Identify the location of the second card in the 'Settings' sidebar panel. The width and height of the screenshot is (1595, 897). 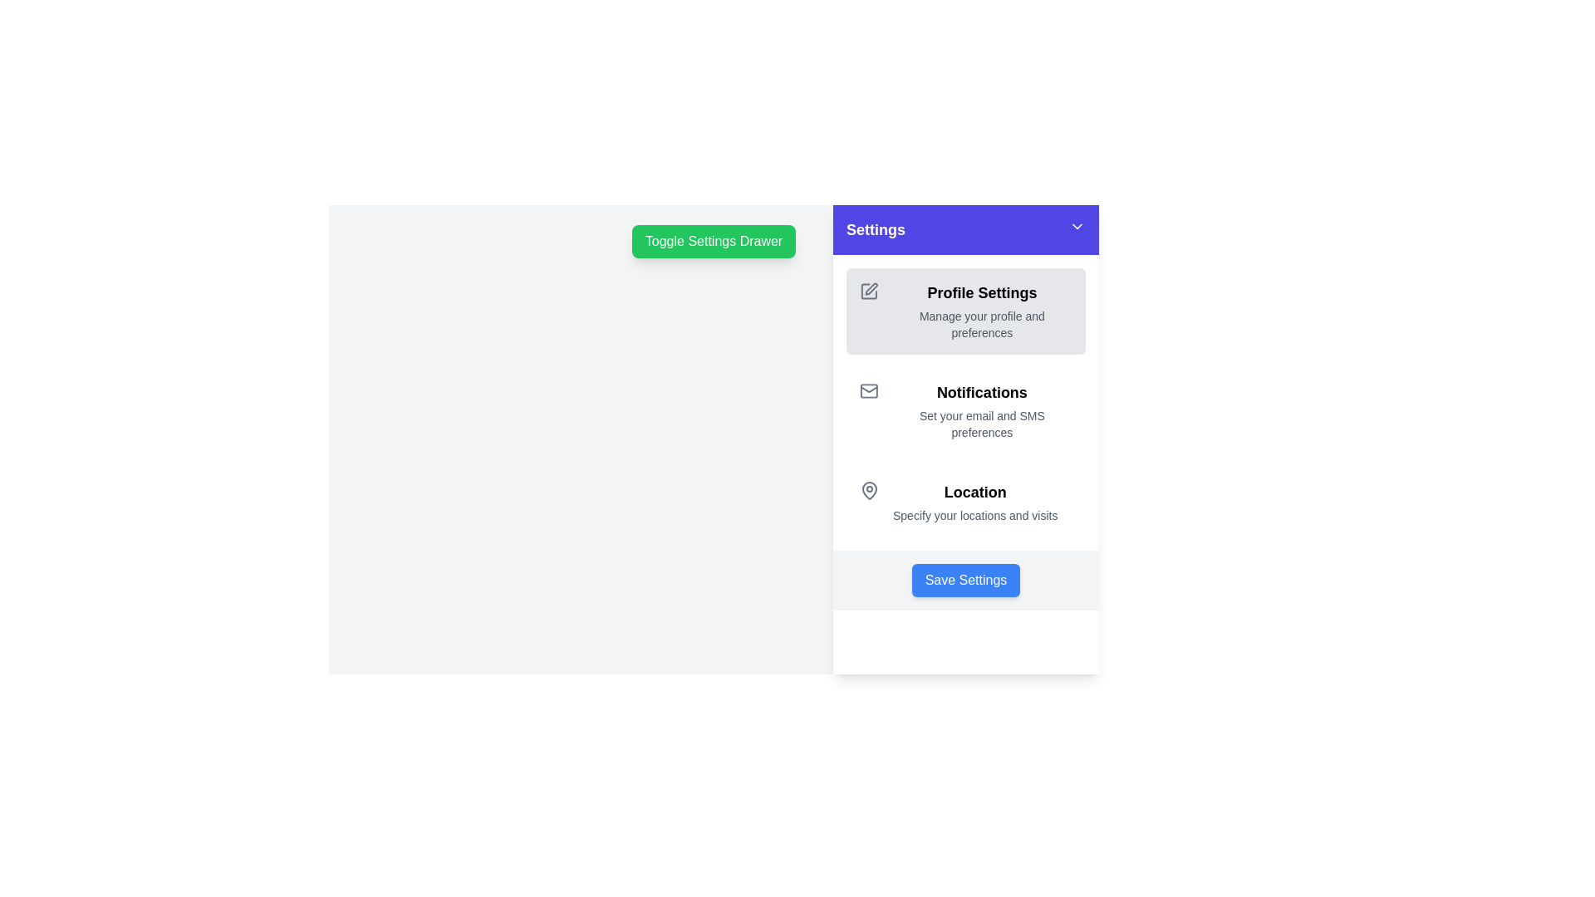
(965, 403).